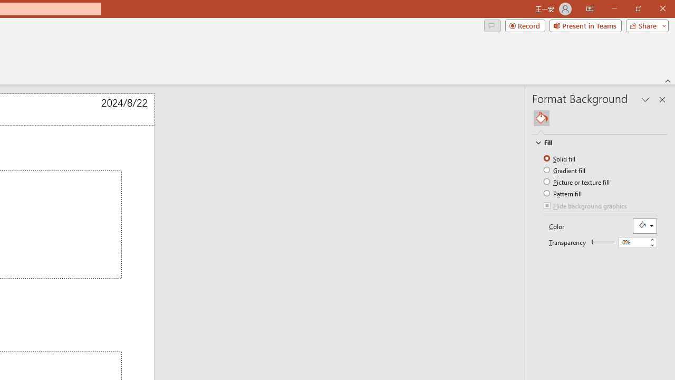 Image resolution: width=675 pixels, height=380 pixels. I want to click on 'More', so click(651, 240).